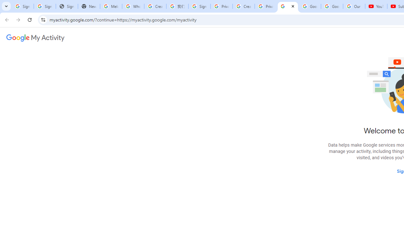 The width and height of the screenshot is (404, 227). What do you see at coordinates (243, 6) in the screenshot?
I see `'Create your Google Account'` at bounding box center [243, 6].